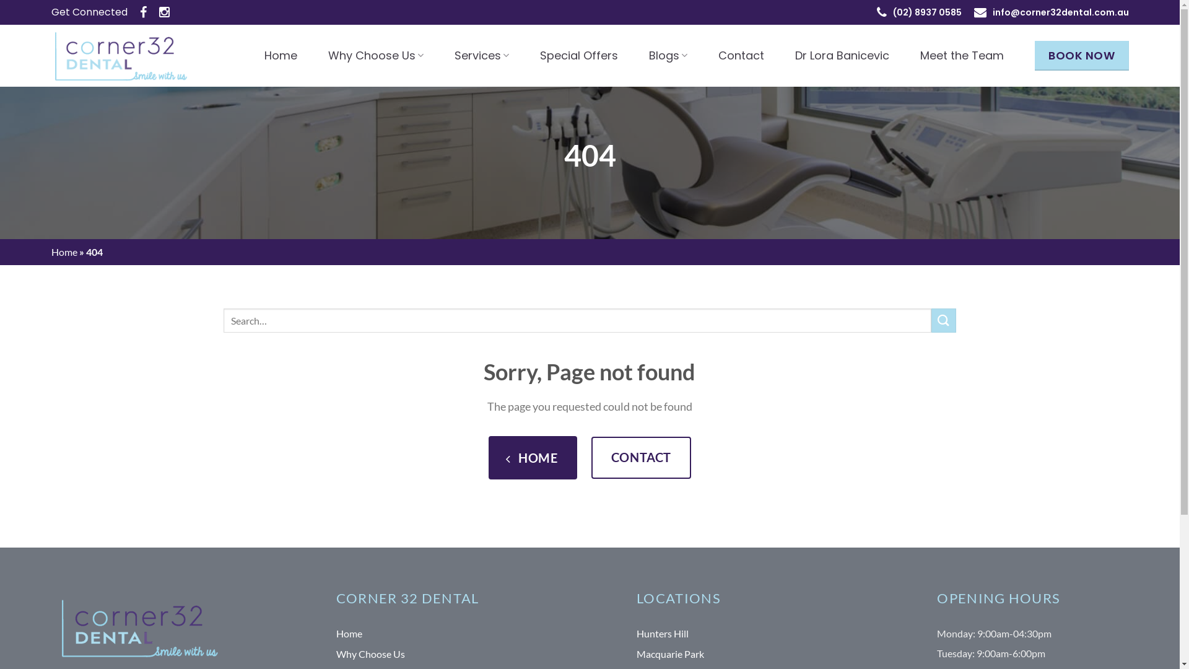 Image resolution: width=1189 pixels, height=669 pixels. Describe the element at coordinates (641, 458) in the screenshot. I see `'CONTACT'` at that location.